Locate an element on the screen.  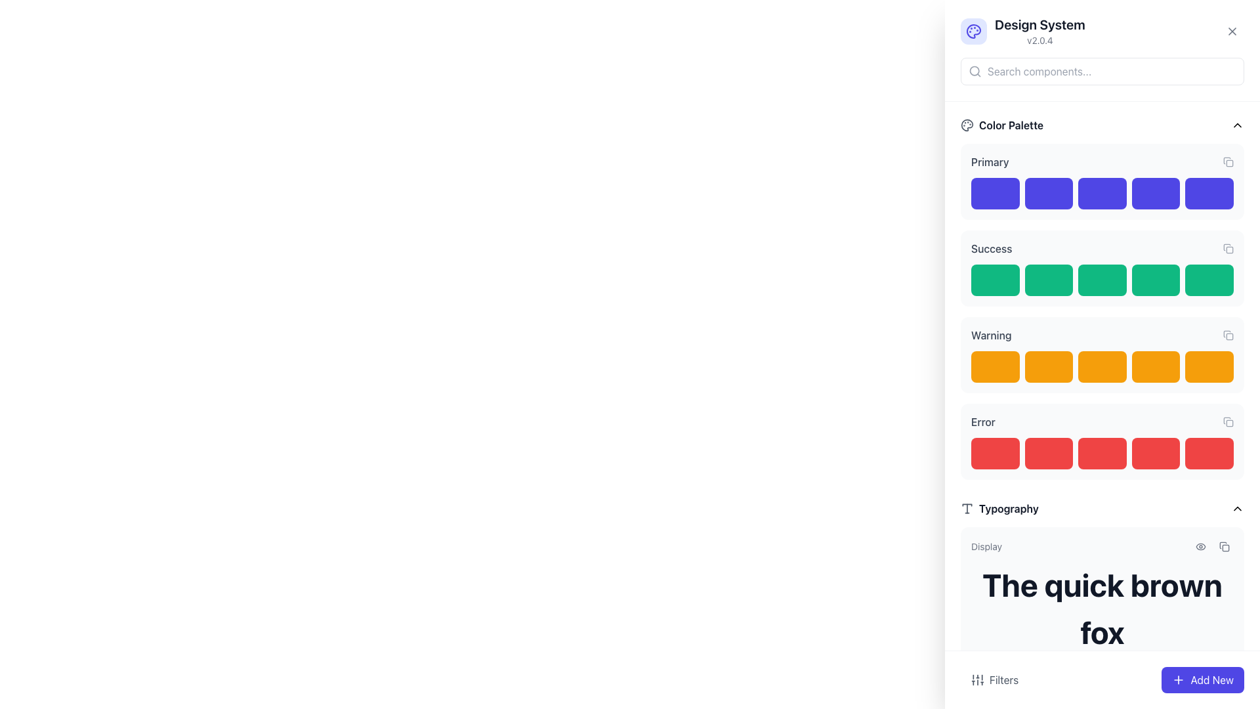
the design of the 'Color Palette' icon located at the top-left corner of the 'Color Palette' section, adjacent to the text 'Color Palette' is located at coordinates (967, 125).